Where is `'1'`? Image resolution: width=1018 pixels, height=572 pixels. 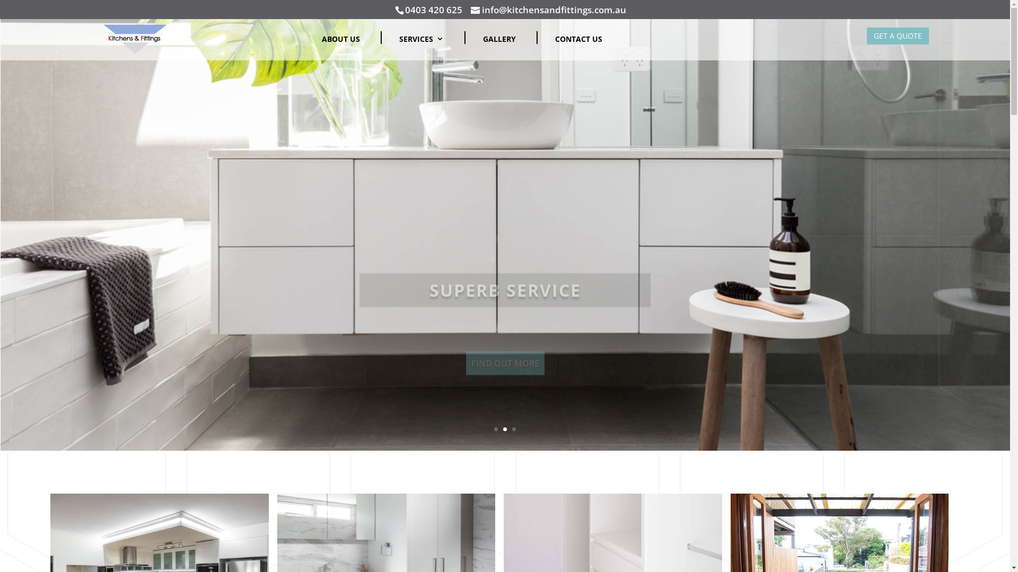 '1' is located at coordinates (495, 429).